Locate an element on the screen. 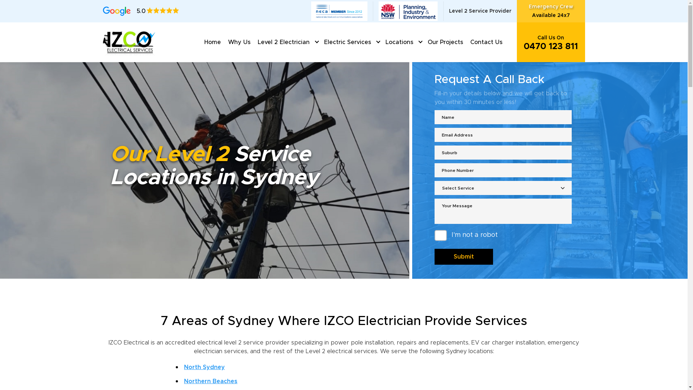  'Level 2 Electrician' is located at coordinates (283, 42).